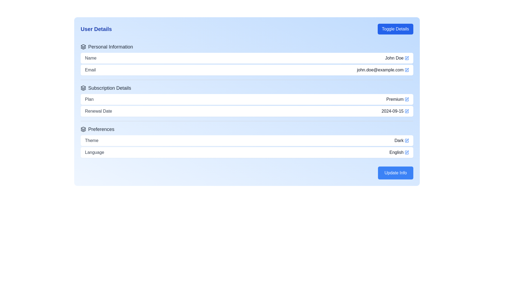 This screenshot has height=291, width=518. I want to click on the edit icon button located to the right of the 'John Doe' label in the 'Personal Information' section, so click(407, 58).